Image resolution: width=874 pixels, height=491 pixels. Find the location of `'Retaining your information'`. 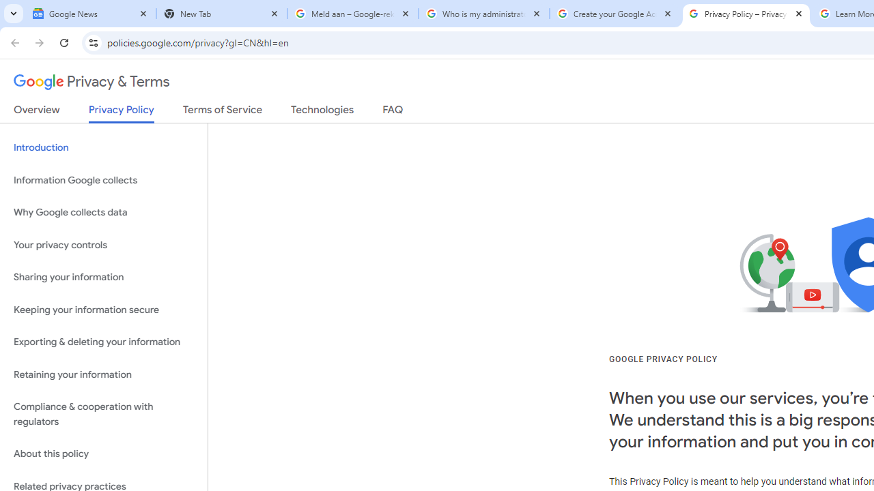

'Retaining your information' is located at coordinates (103, 374).